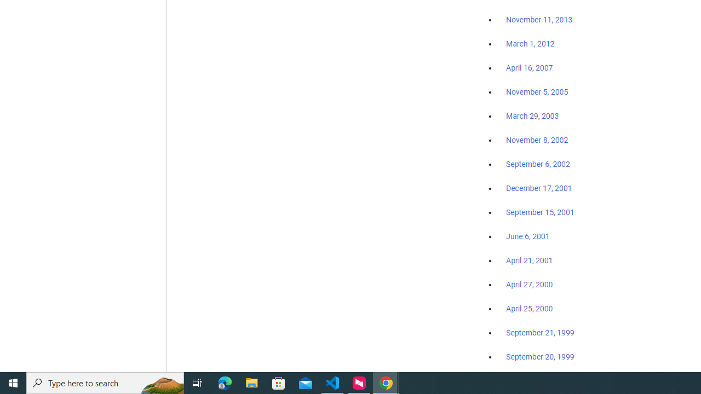 The height and width of the screenshot is (394, 701). Describe the element at coordinates (539, 187) in the screenshot. I see `'December 17, 2001'` at that location.